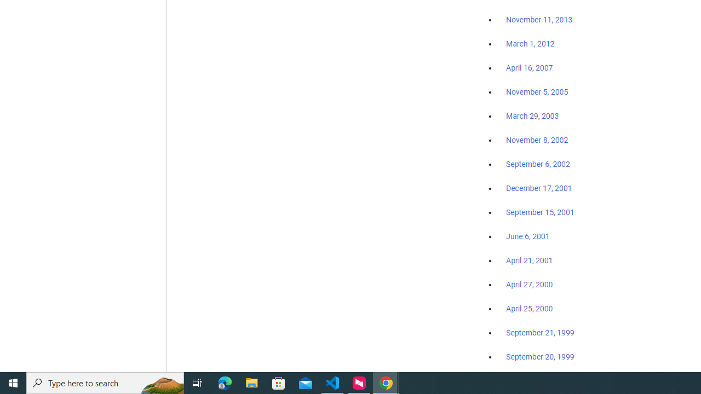 The height and width of the screenshot is (394, 701). Describe the element at coordinates (539, 187) in the screenshot. I see `'December 17, 2001'` at that location.